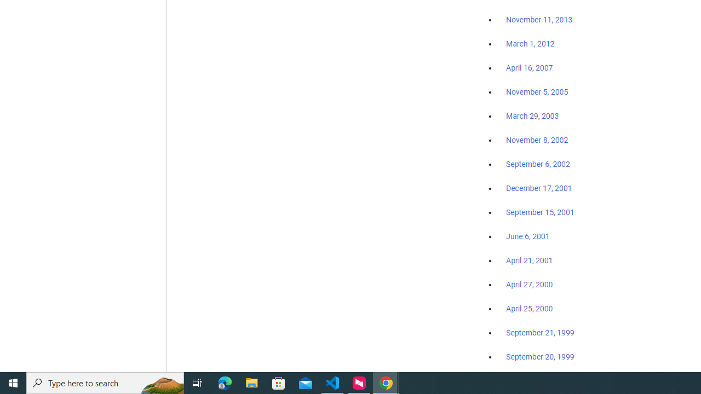 The height and width of the screenshot is (394, 701). Describe the element at coordinates (539, 187) in the screenshot. I see `'December 17, 2001'` at that location.